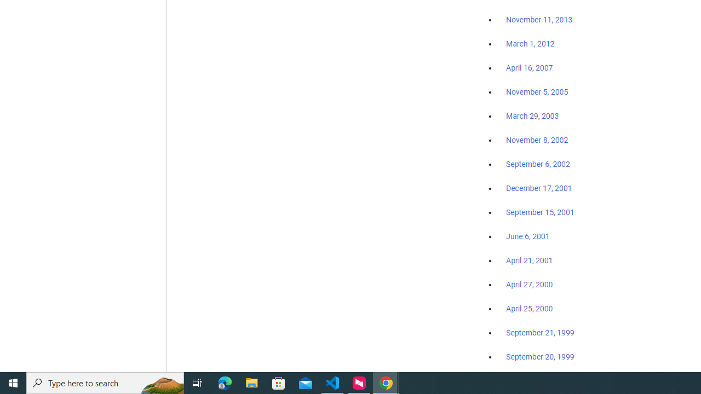 The height and width of the screenshot is (394, 701). Describe the element at coordinates (539, 187) in the screenshot. I see `'December 17, 2001'` at that location.